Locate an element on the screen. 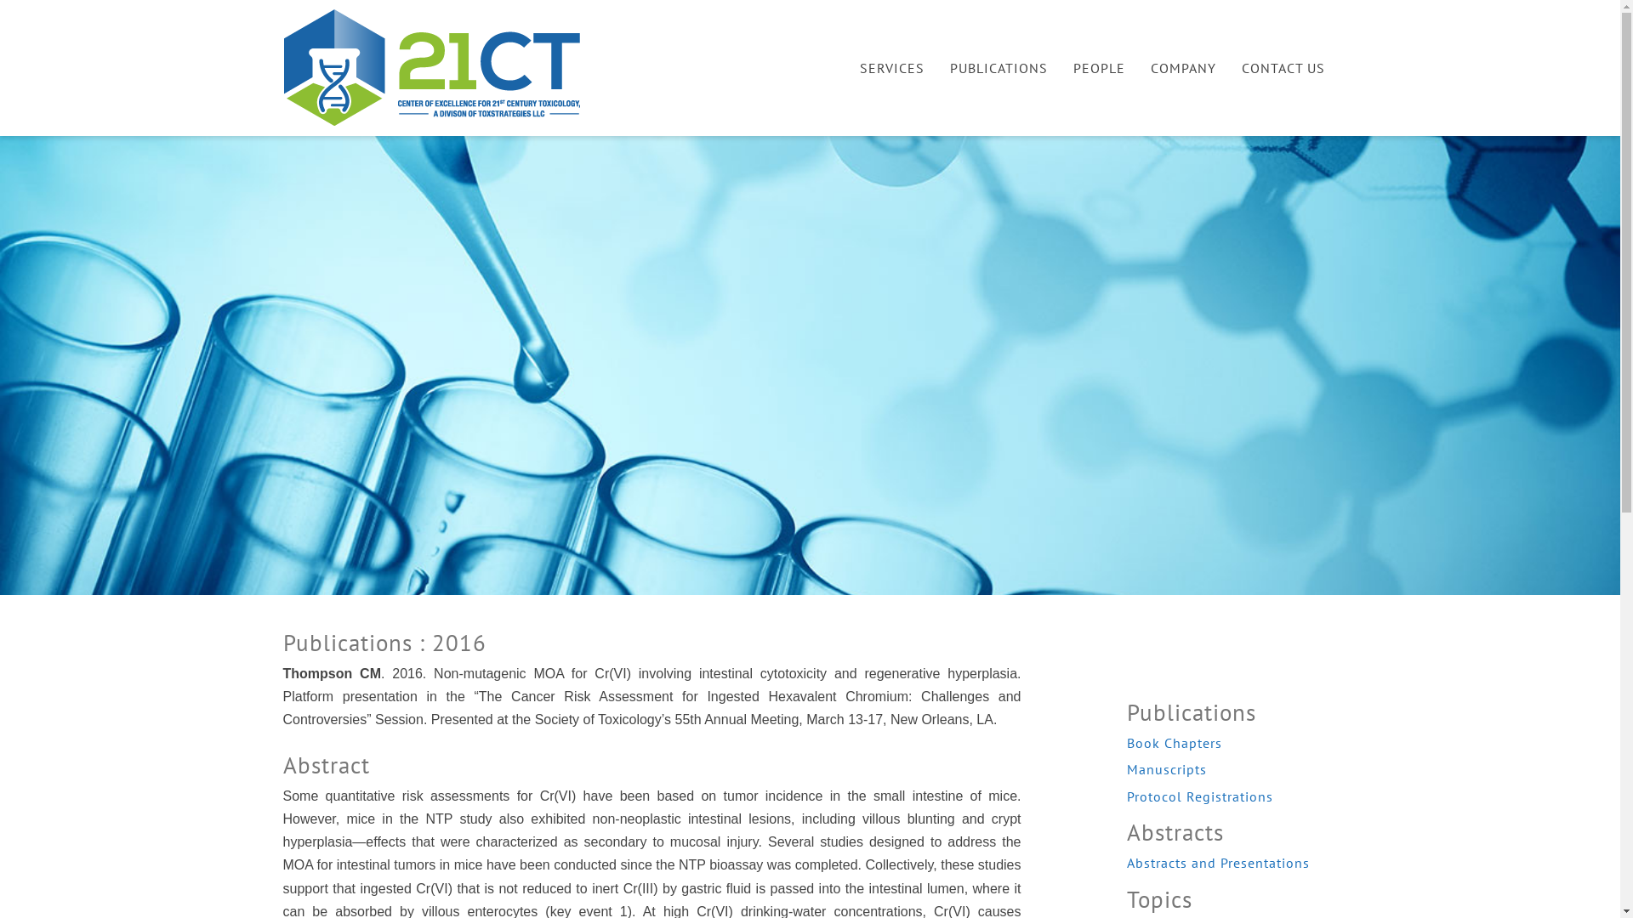 The width and height of the screenshot is (1633, 918). 'Protocol Registrations' is located at coordinates (1232, 796).